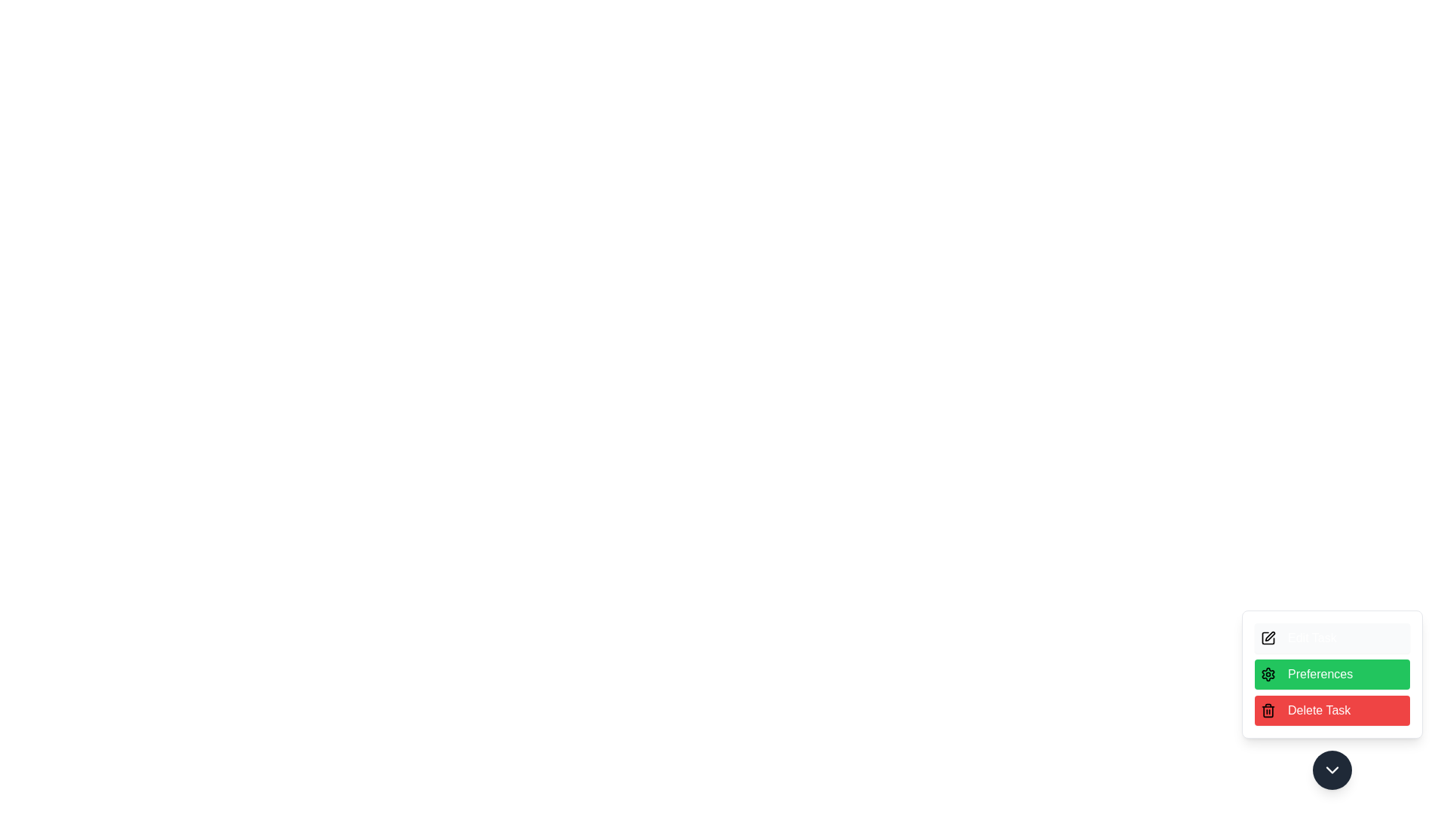  I want to click on the 'Edit Task' option, so click(1332, 638).